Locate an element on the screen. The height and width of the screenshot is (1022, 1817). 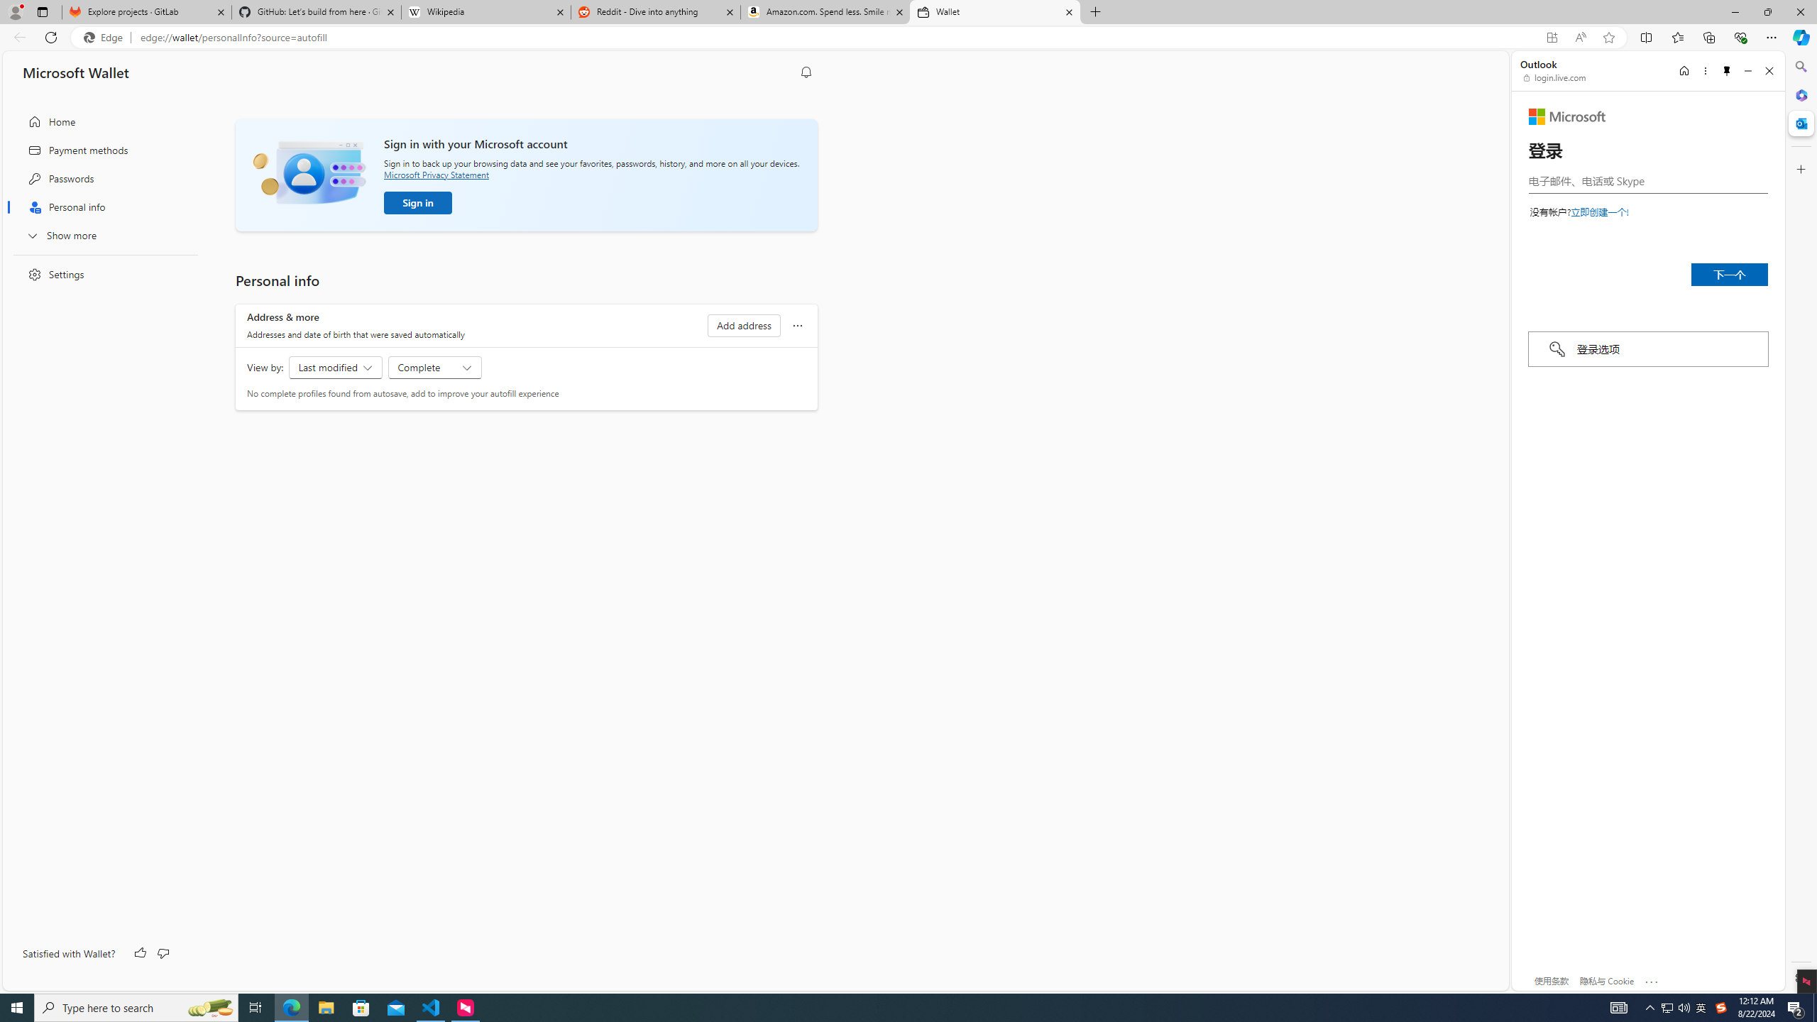
'More actions' is located at coordinates (796, 324).